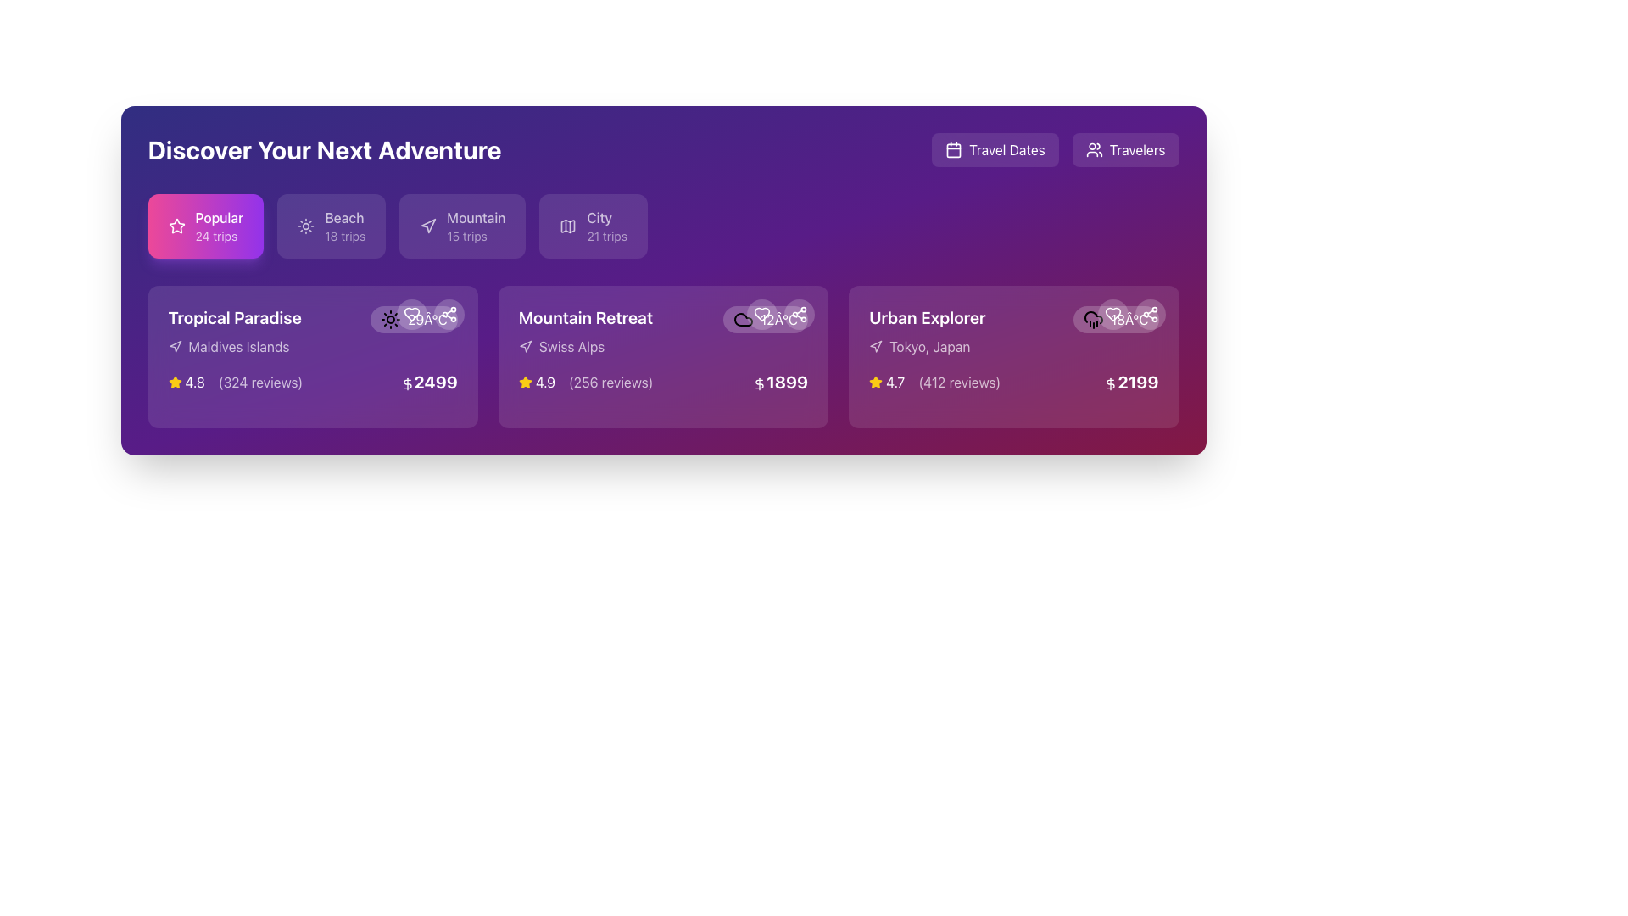 Image resolution: width=1628 pixels, height=916 pixels. I want to click on the '18 trips' text label that indicates the number of available trips in the 'Beach' category, located below the 'Beach' label in the navigation bar, so click(344, 236).